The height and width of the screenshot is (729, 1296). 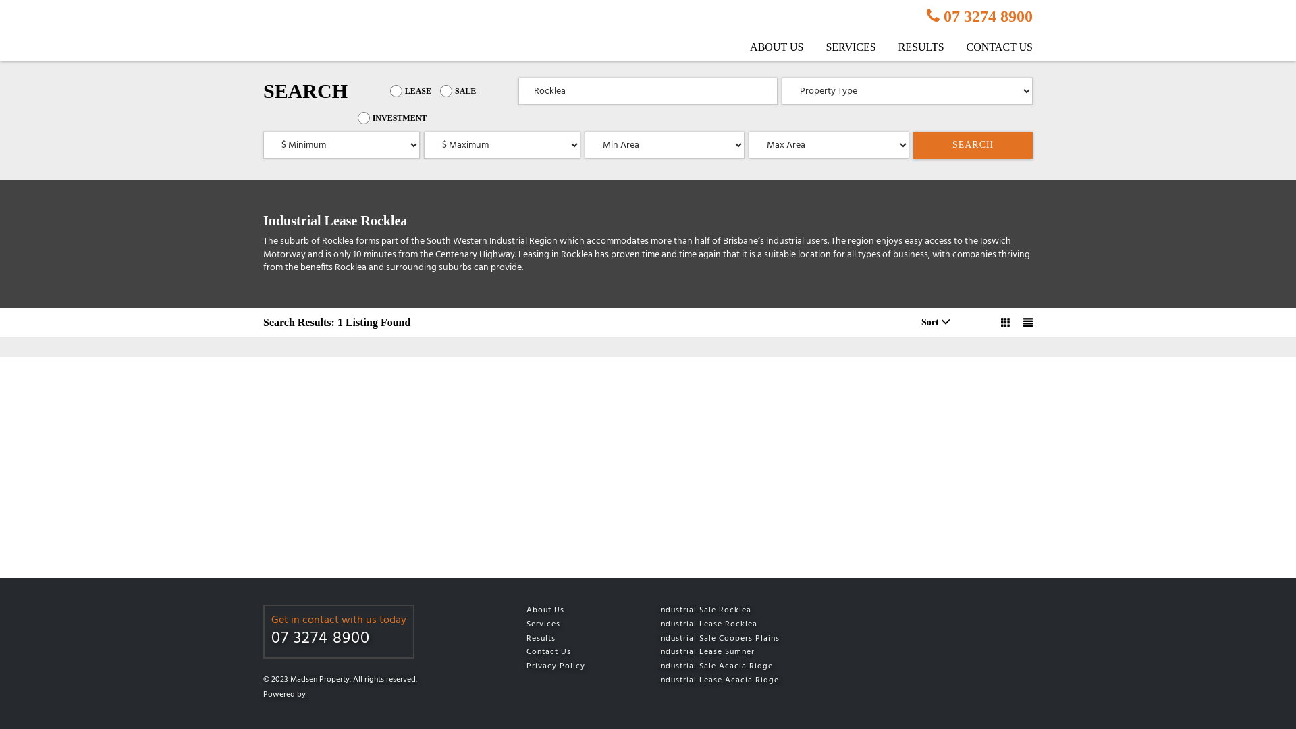 What do you see at coordinates (339, 639) in the screenshot?
I see `'07 3274 8900'` at bounding box center [339, 639].